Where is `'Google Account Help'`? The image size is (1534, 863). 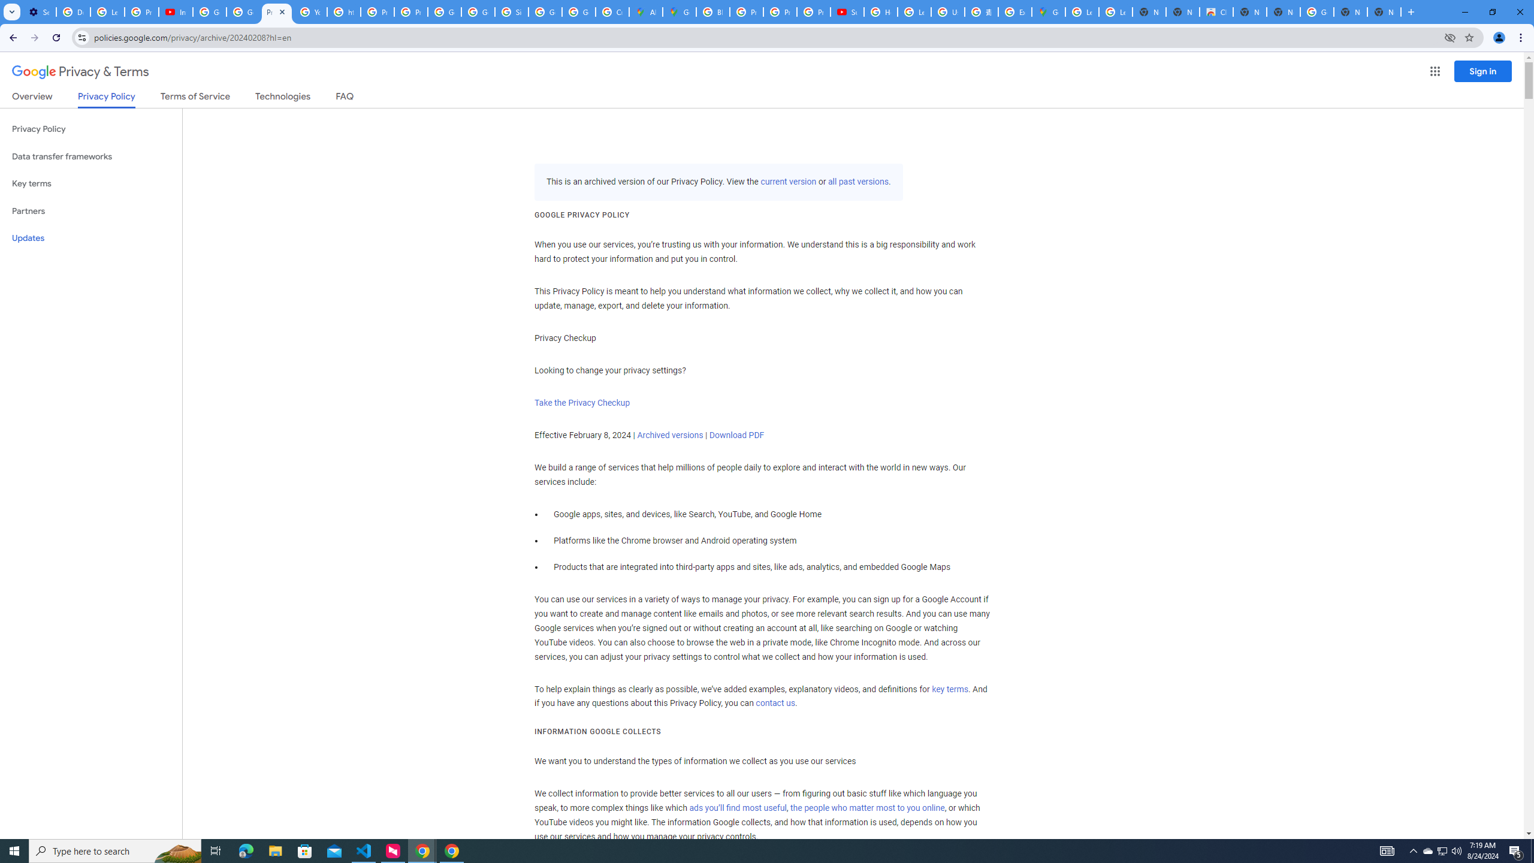 'Google Account Help' is located at coordinates (209, 11).